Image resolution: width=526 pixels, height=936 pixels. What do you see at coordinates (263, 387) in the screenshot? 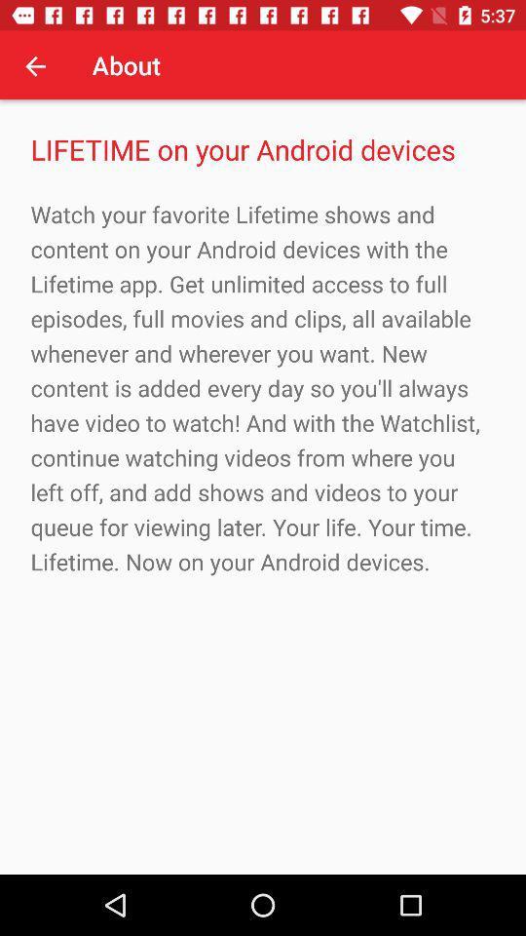
I see `the icon below lifetime on your icon` at bounding box center [263, 387].